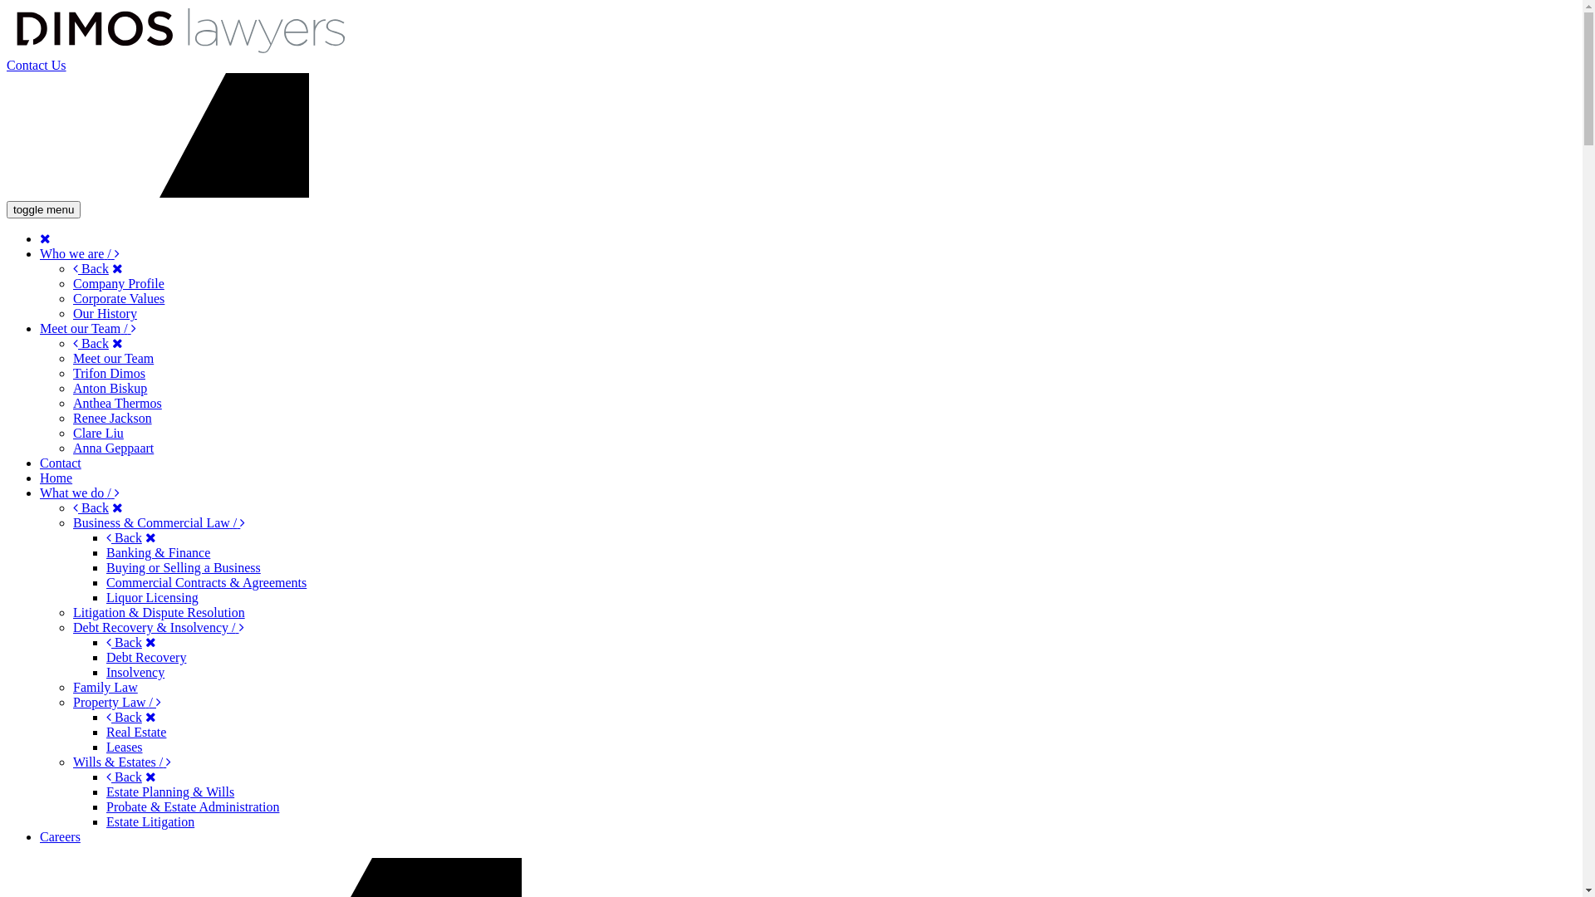 Image resolution: width=1595 pixels, height=897 pixels. What do you see at coordinates (121, 762) in the screenshot?
I see `'Wills & Estates /'` at bounding box center [121, 762].